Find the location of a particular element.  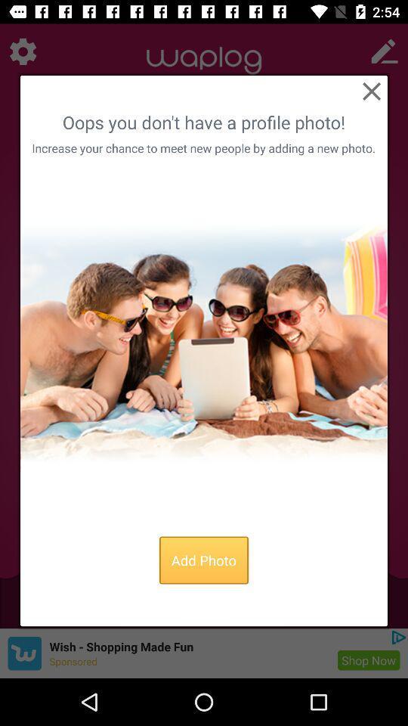

item at the bottom is located at coordinates (204, 560).